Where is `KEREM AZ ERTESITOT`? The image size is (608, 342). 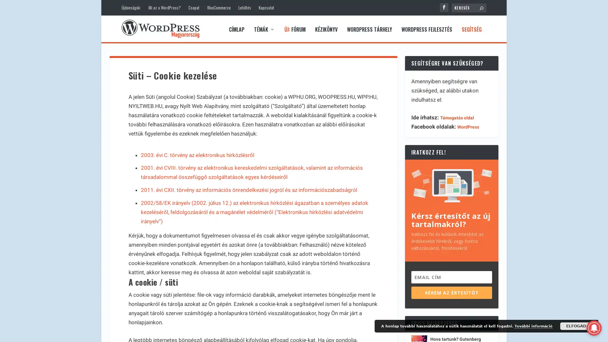
KEREM AZ ERTESITOT is located at coordinates (451, 291).